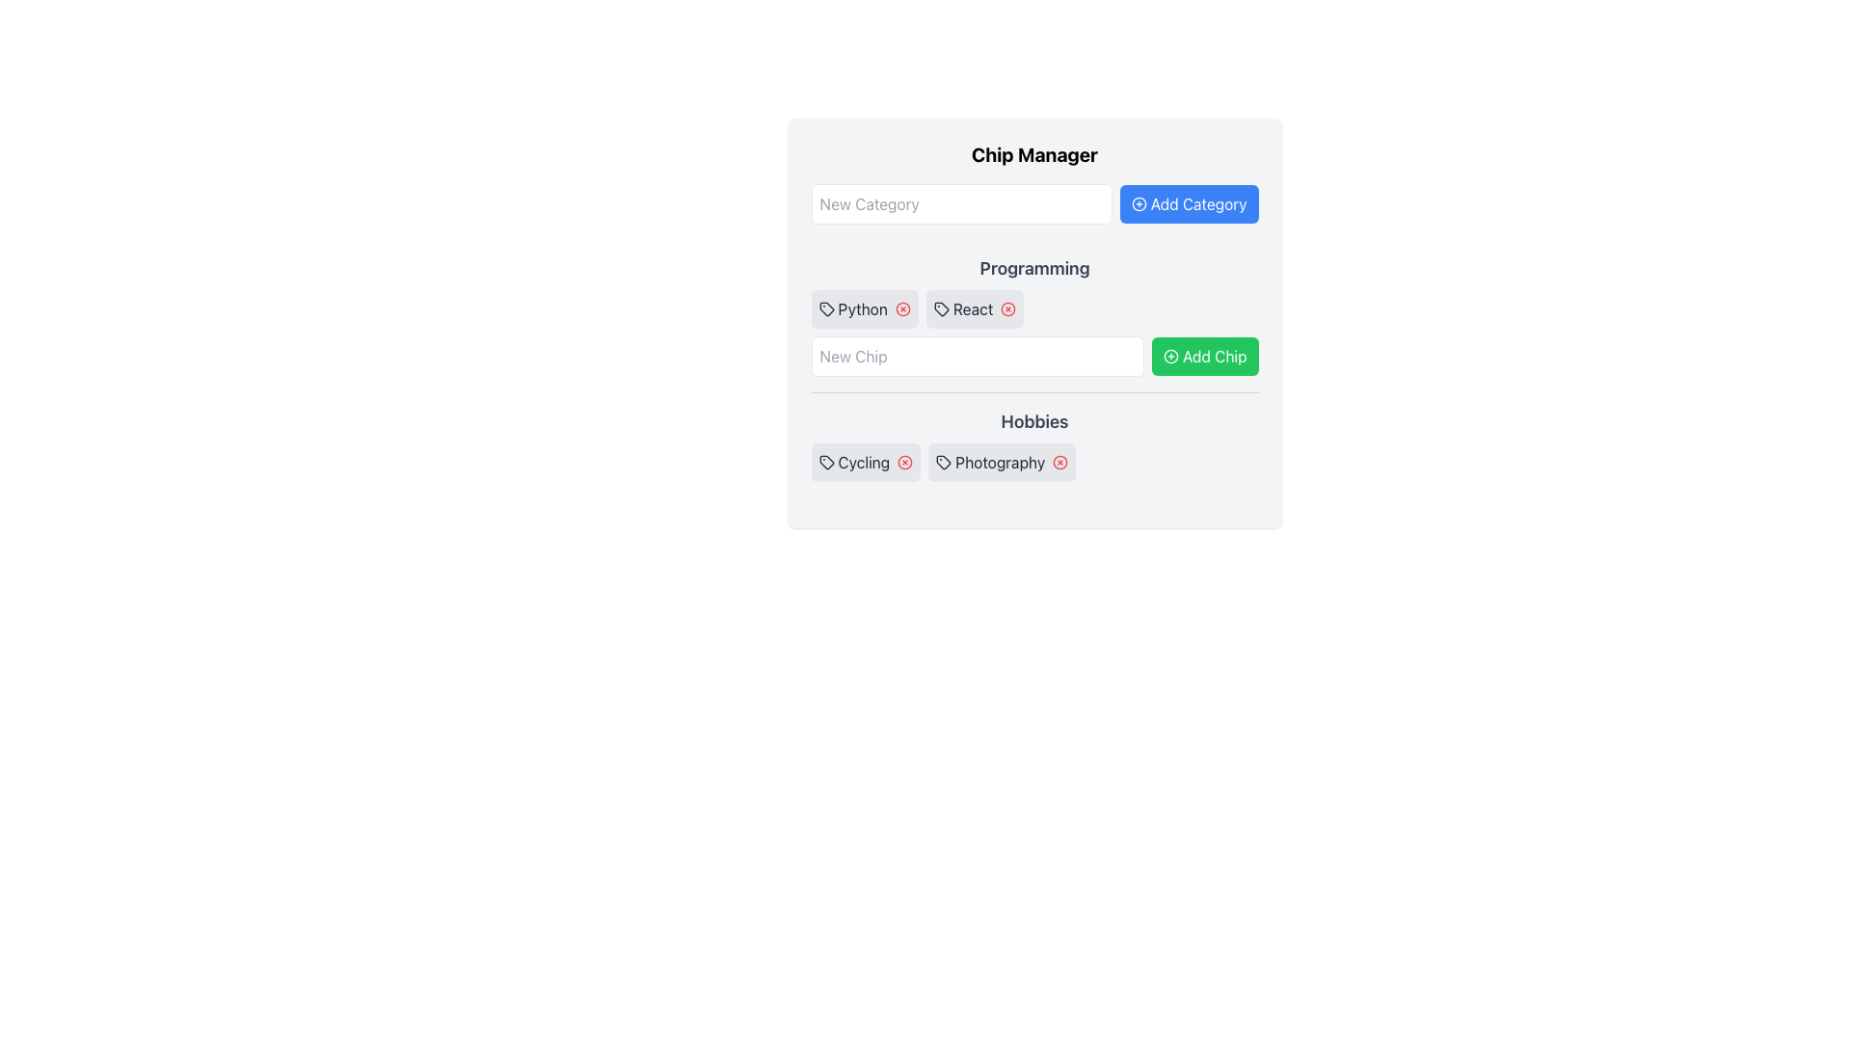 This screenshot has width=1851, height=1041. I want to click on the tag icon element located at the left end of the 'Cycling' group in the 'Hobbies' section, which is a small vector graphic resembling a tag, positioned before the red delete icon, so click(826, 462).